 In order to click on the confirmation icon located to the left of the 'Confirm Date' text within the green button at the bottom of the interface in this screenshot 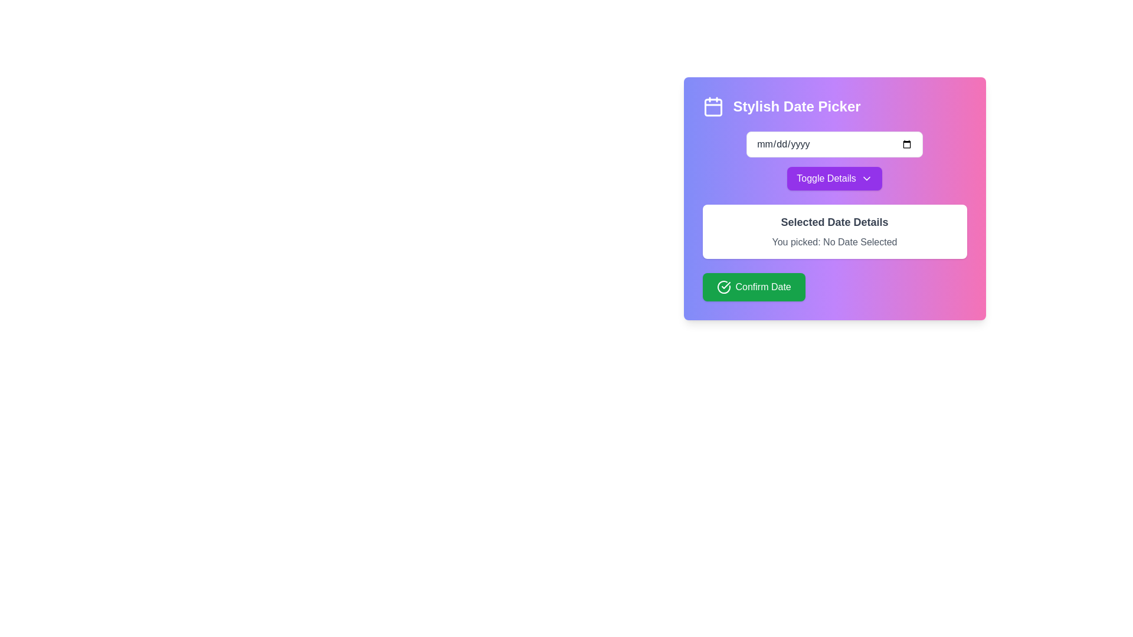, I will do `click(723, 287)`.